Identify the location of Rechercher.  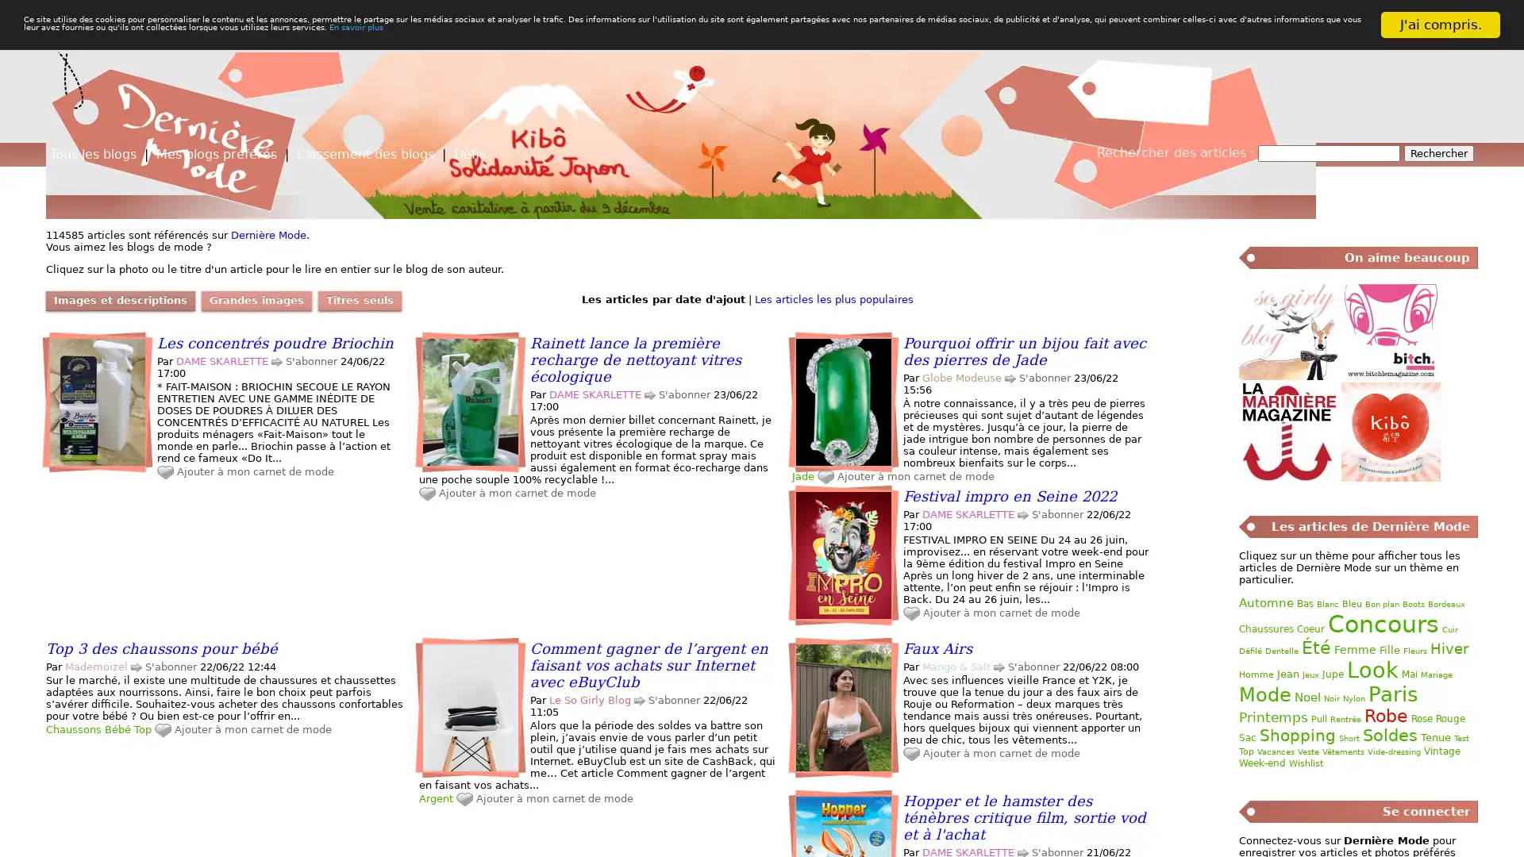
(1439, 153).